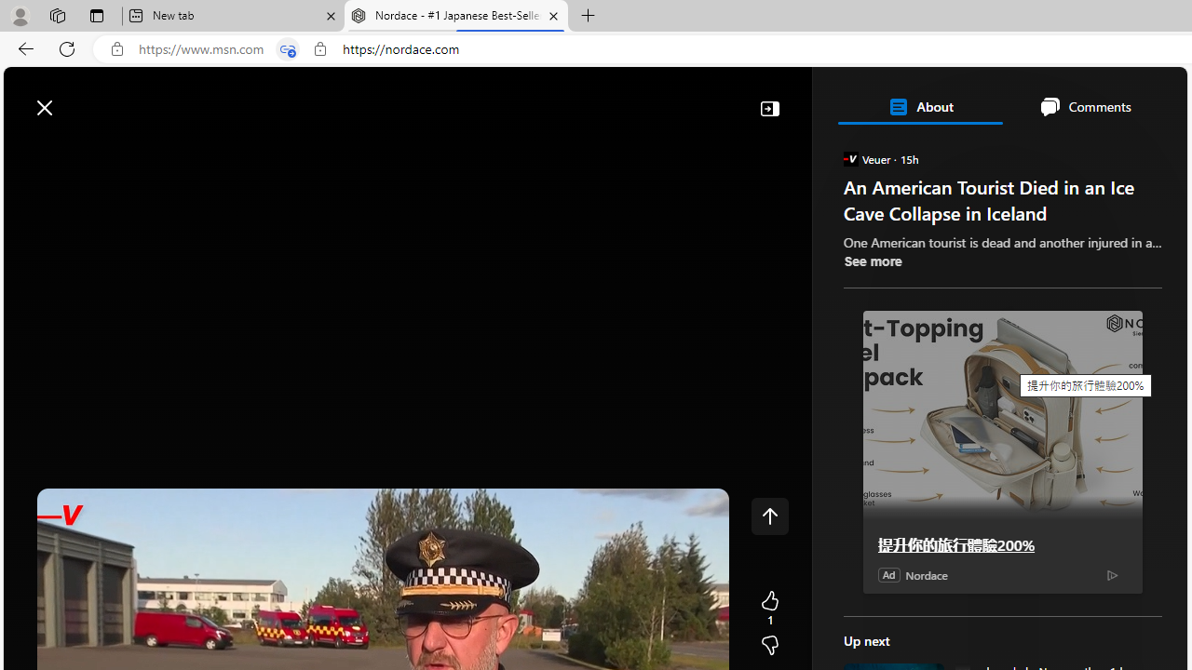  I want to click on 'Nordace - #1 Japanese Best-Seller - Siena Smart Backpack', so click(456, 16).